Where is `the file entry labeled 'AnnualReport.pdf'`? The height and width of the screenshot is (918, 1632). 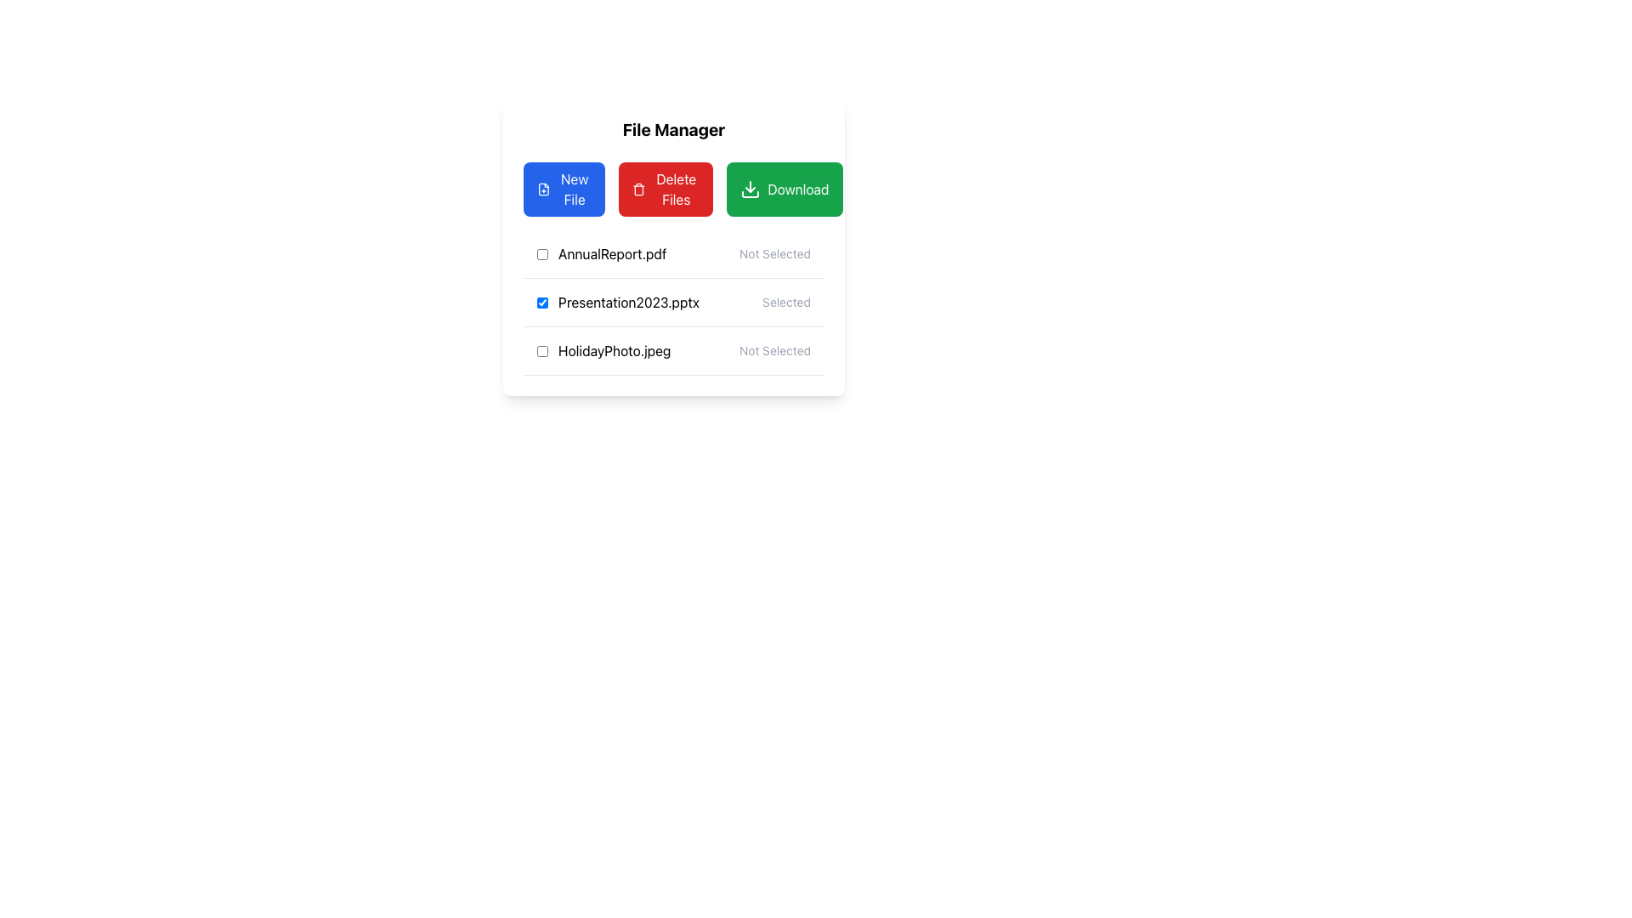
the file entry labeled 'AnnualReport.pdf' is located at coordinates (602, 254).